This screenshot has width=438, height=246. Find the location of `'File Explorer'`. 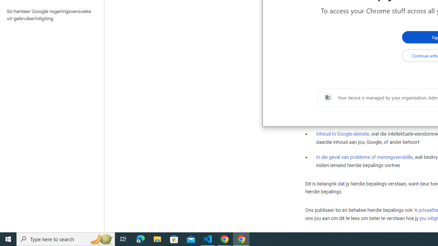

'File Explorer' is located at coordinates (157, 238).